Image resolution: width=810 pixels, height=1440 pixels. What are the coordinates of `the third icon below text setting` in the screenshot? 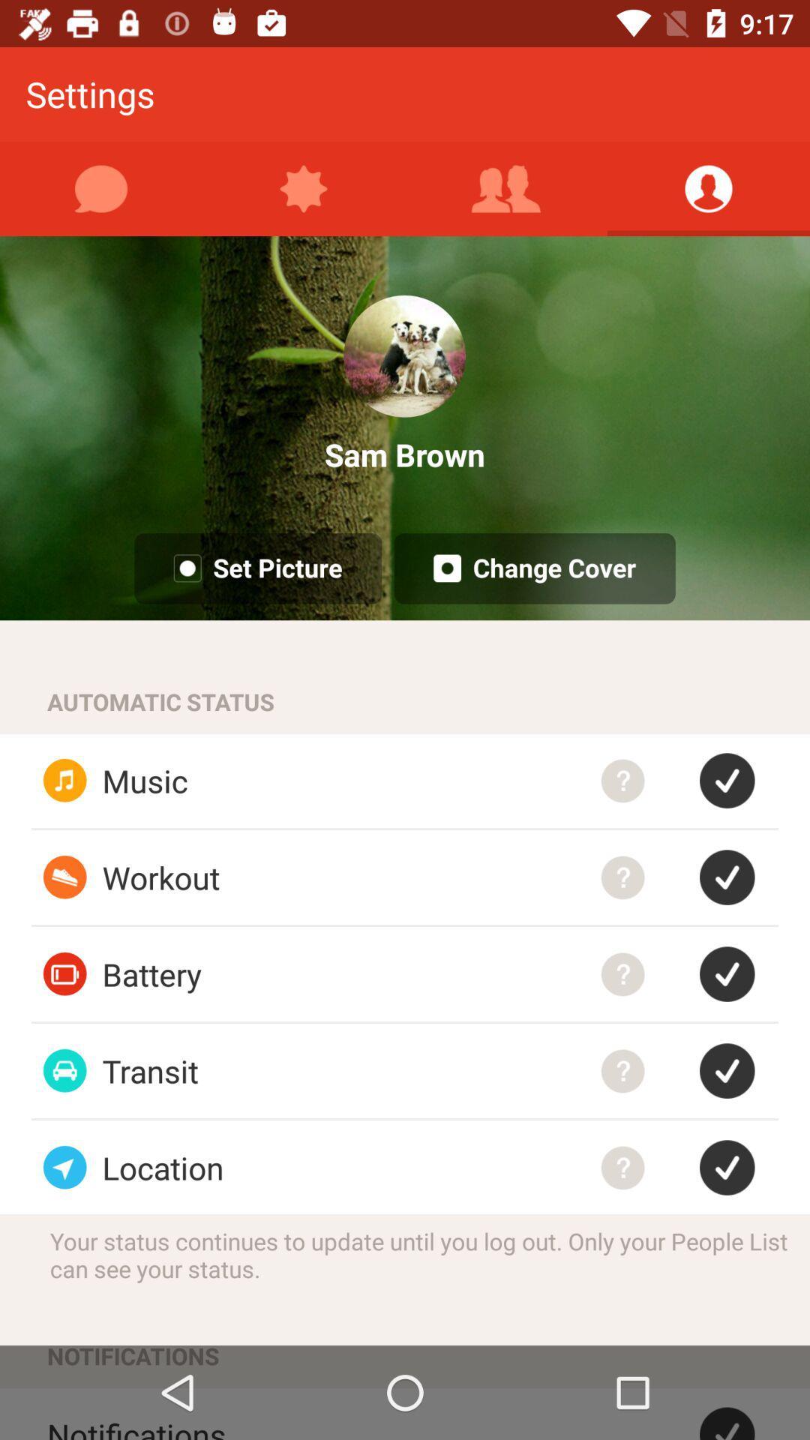 It's located at (506, 188).